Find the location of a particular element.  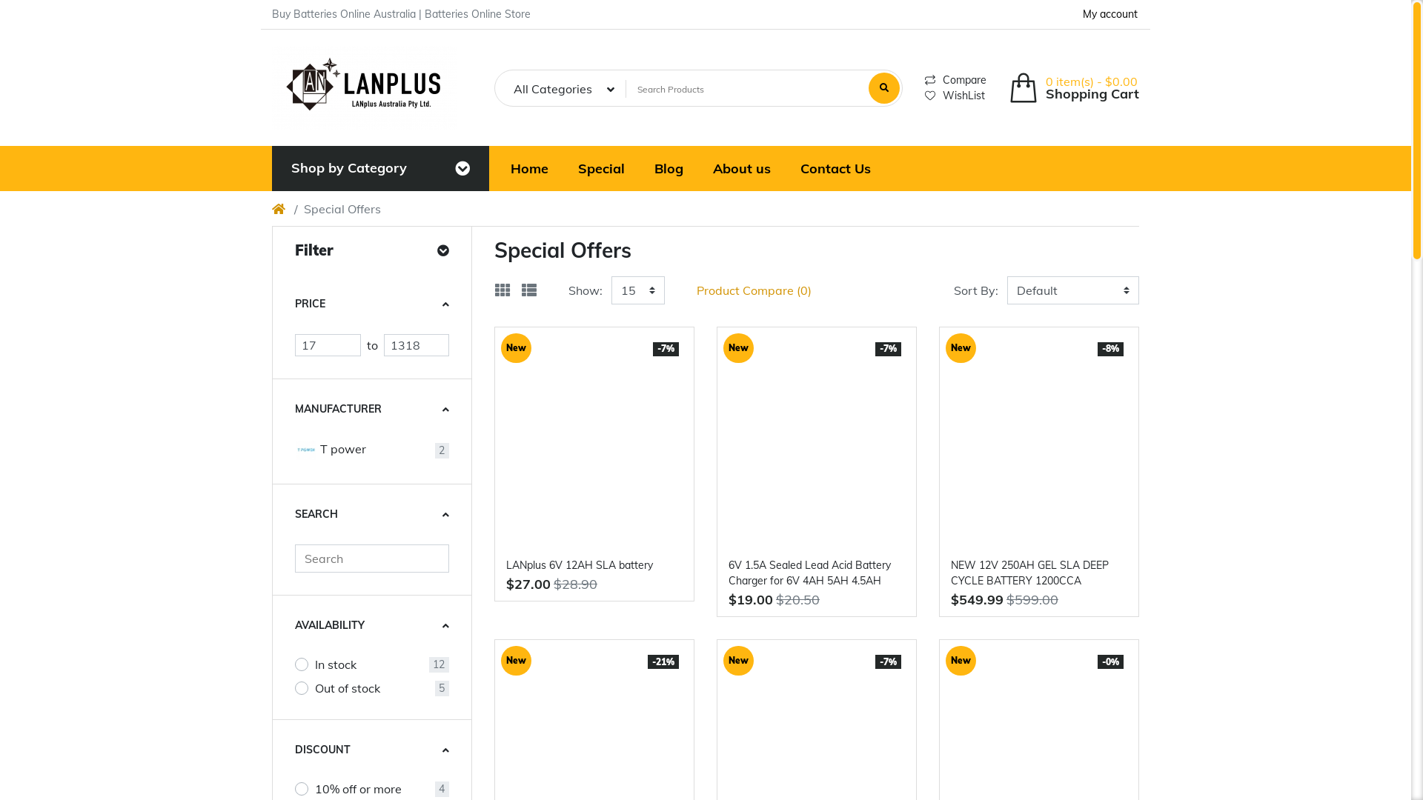

'Contact Us' is located at coordinates (835, 167).